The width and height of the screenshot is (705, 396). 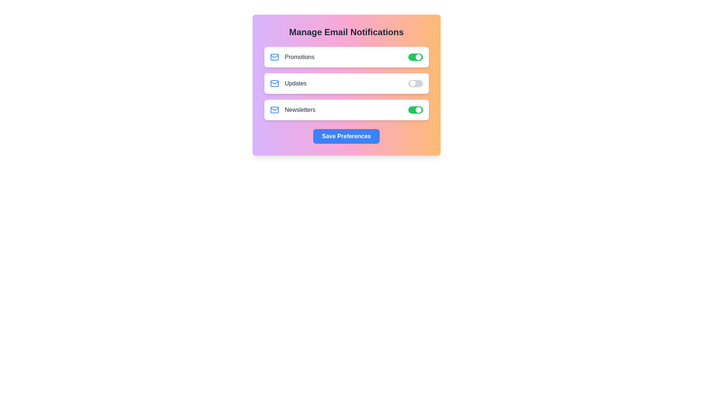 What do you see at coordinates (292, 56) in the screenshot?
I see `the text of the 'Promotions' category to select it` at bounding box center [292, 56].